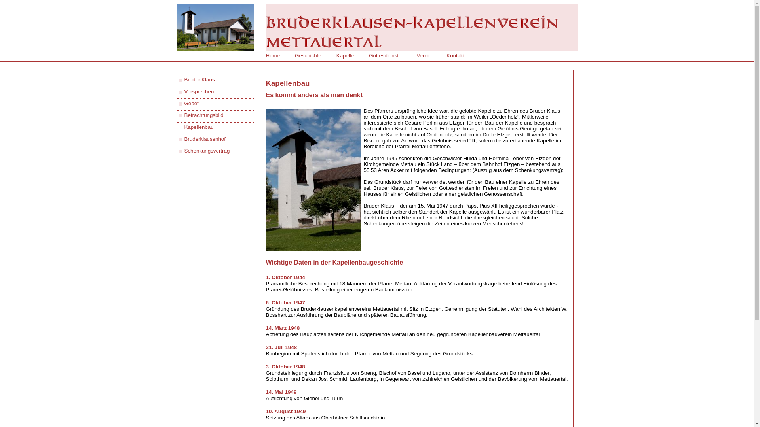 Image resolution: width=760 pixels, height=427 pixels. What do you see at coordinates (207, 151) in the screenshot?
I see `'Schenkungsvertrag'` at bounding box center [207, 151].